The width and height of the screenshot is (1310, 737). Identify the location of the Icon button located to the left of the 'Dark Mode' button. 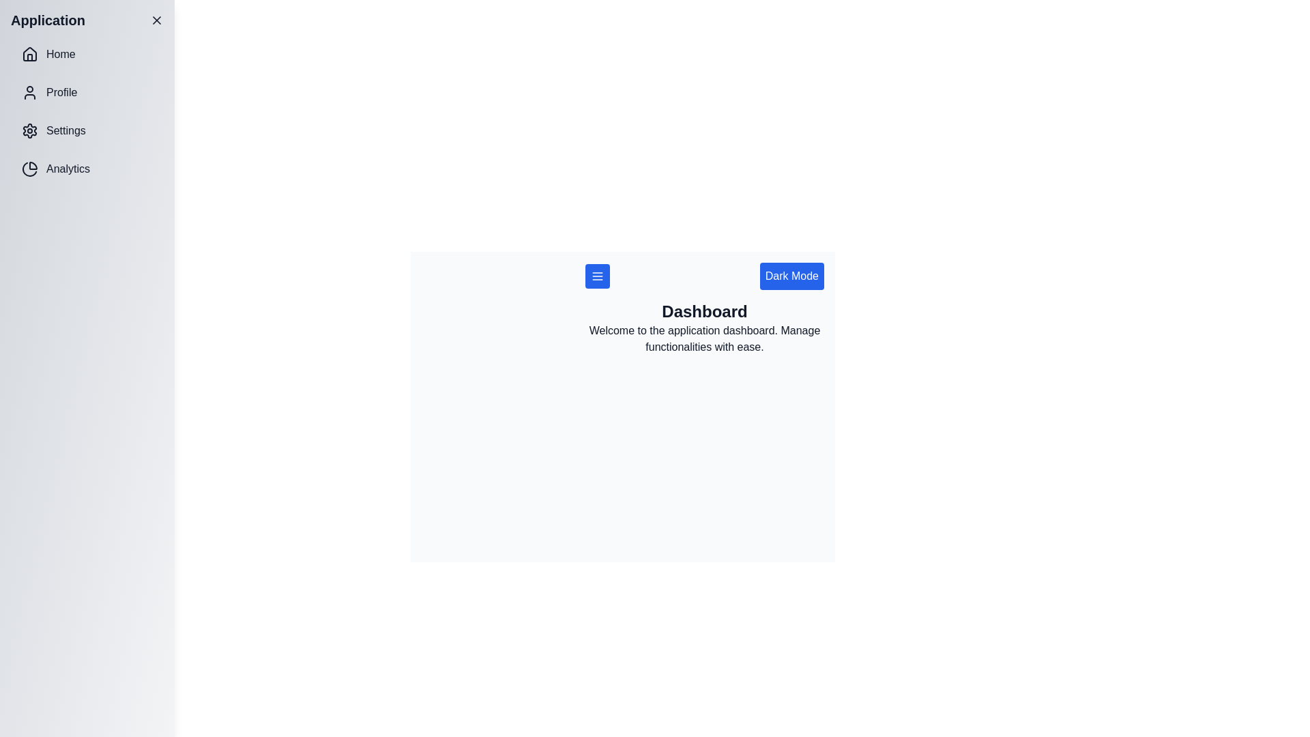
(597, 276).